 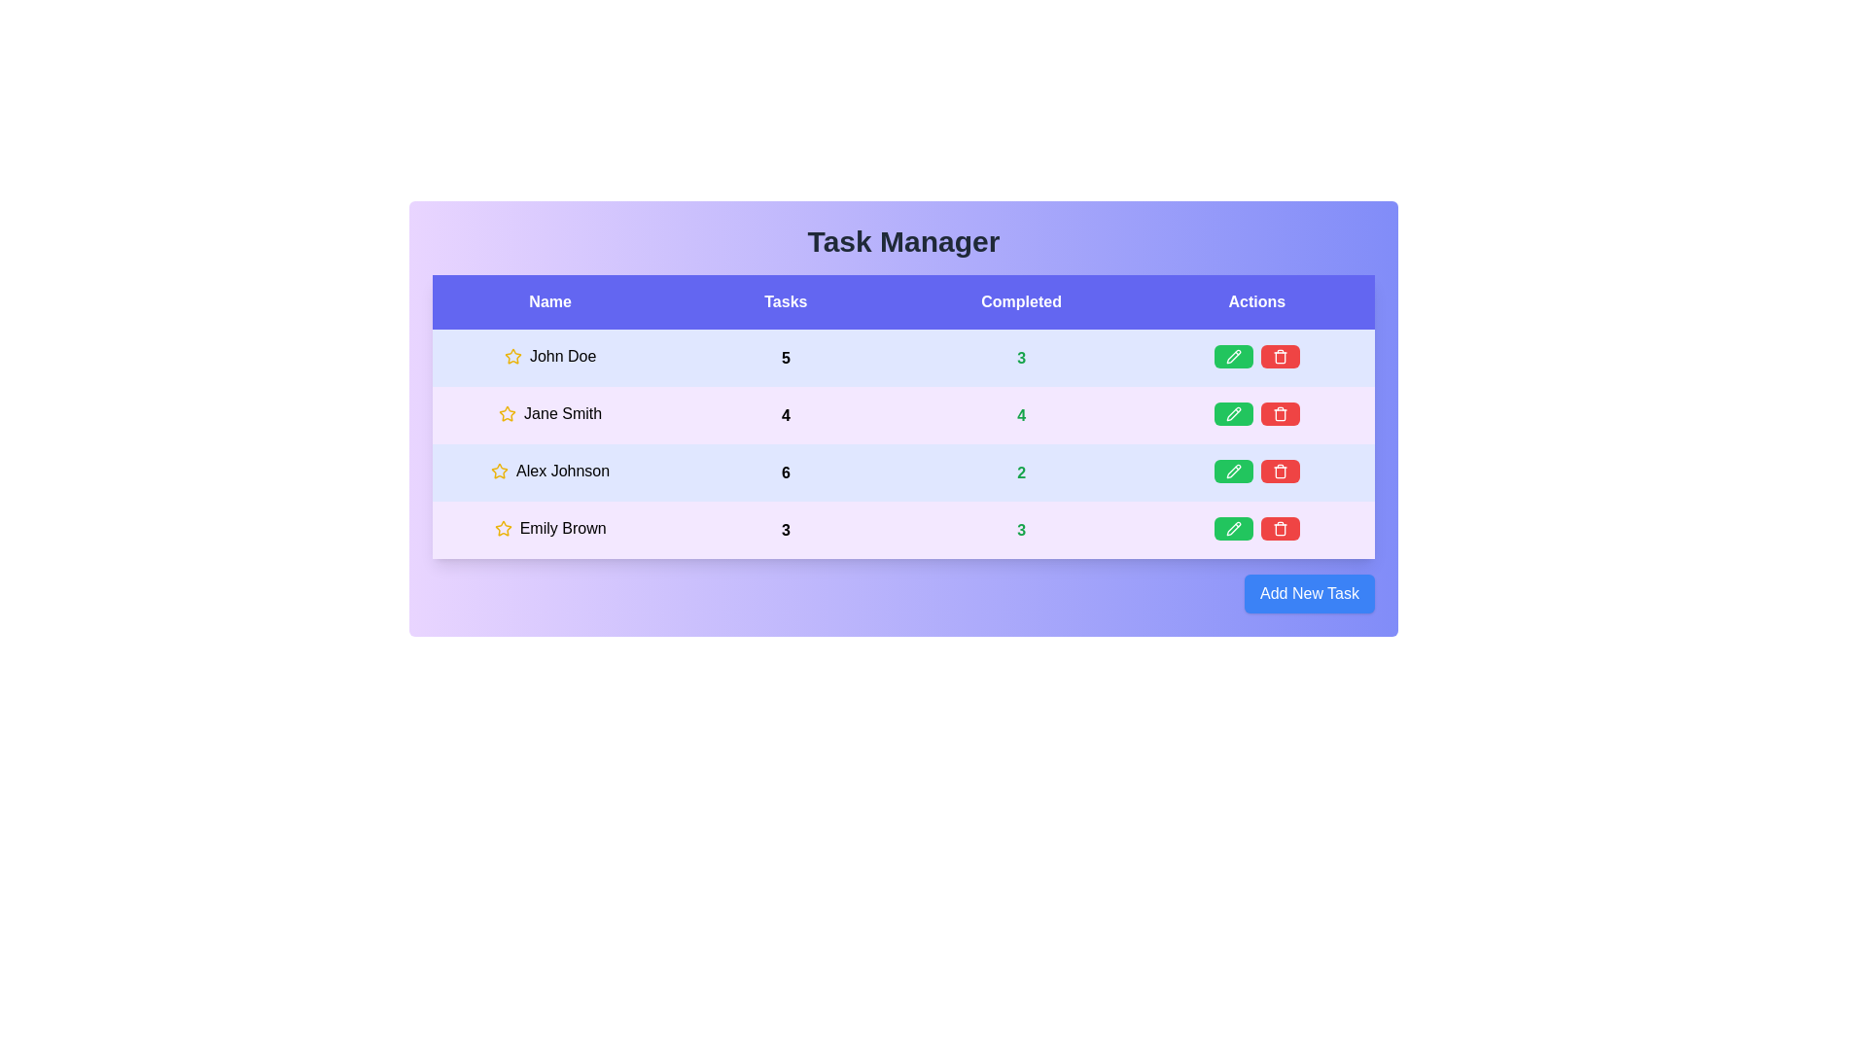 I want to click on green pencil icon to edit the task for Alex Johnson, so click(x=1232, y=472).